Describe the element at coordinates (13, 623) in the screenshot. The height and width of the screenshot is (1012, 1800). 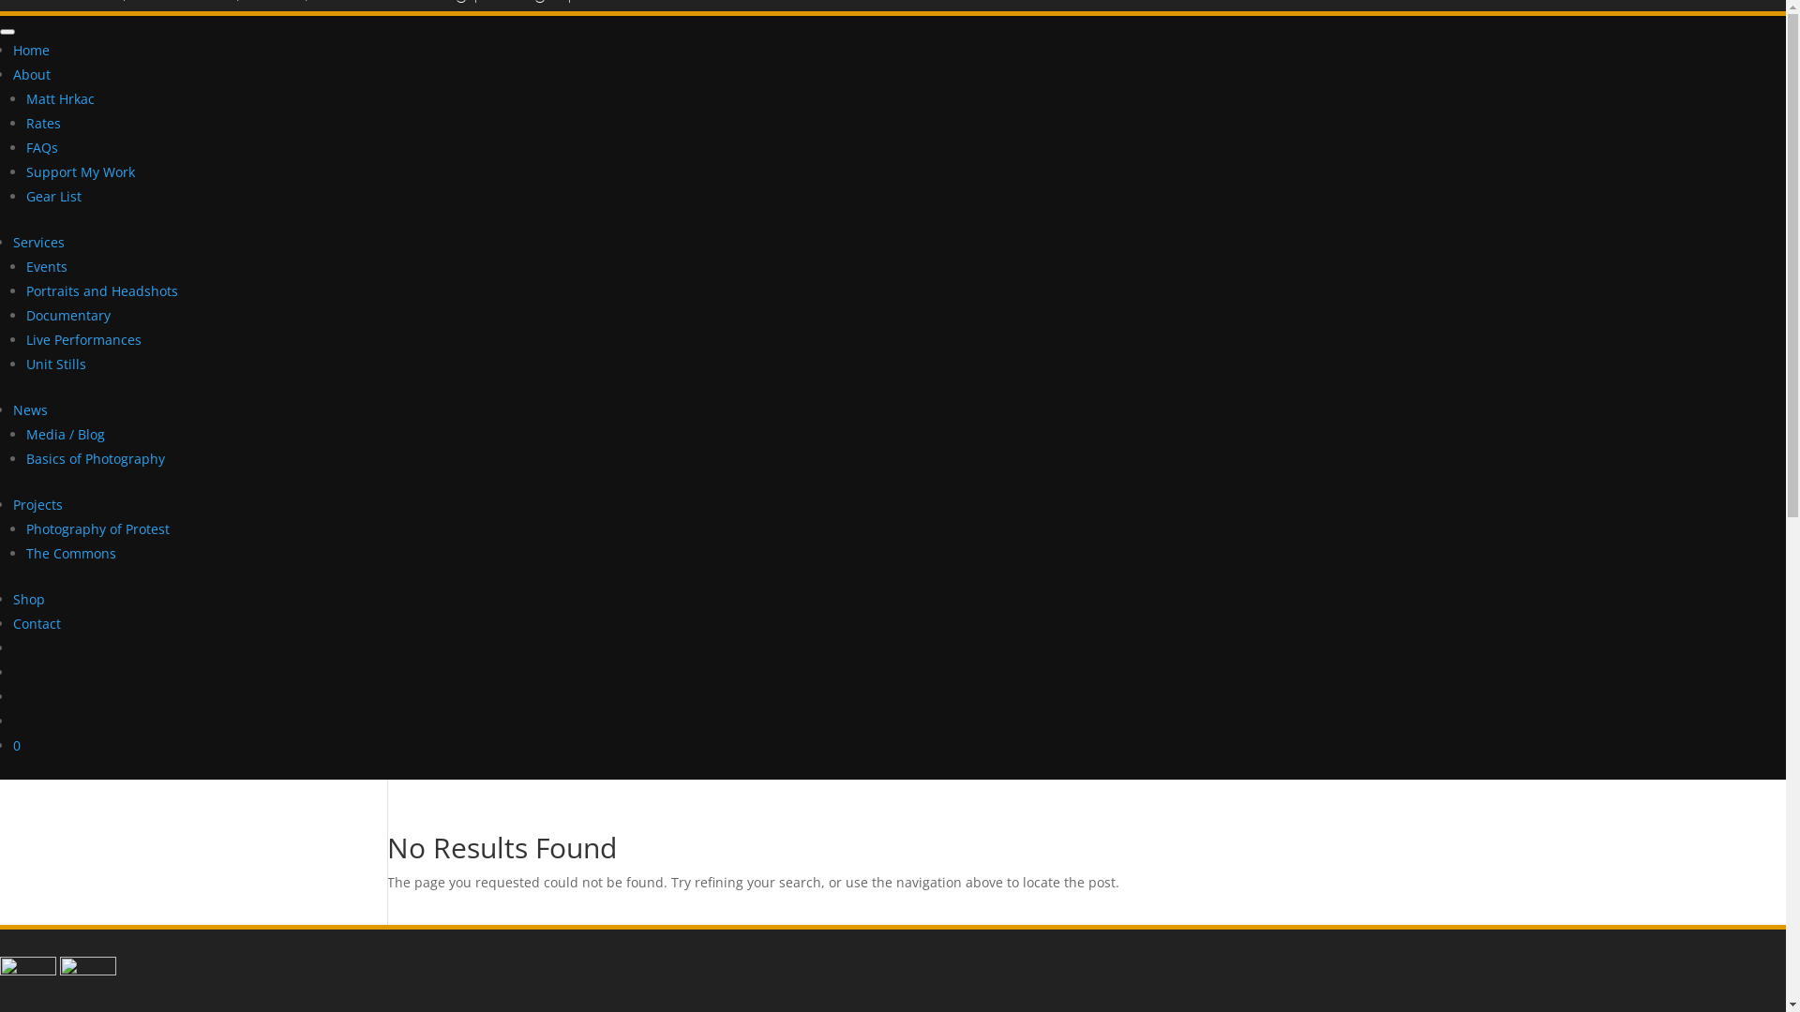
I see `'Contact'` at that location.